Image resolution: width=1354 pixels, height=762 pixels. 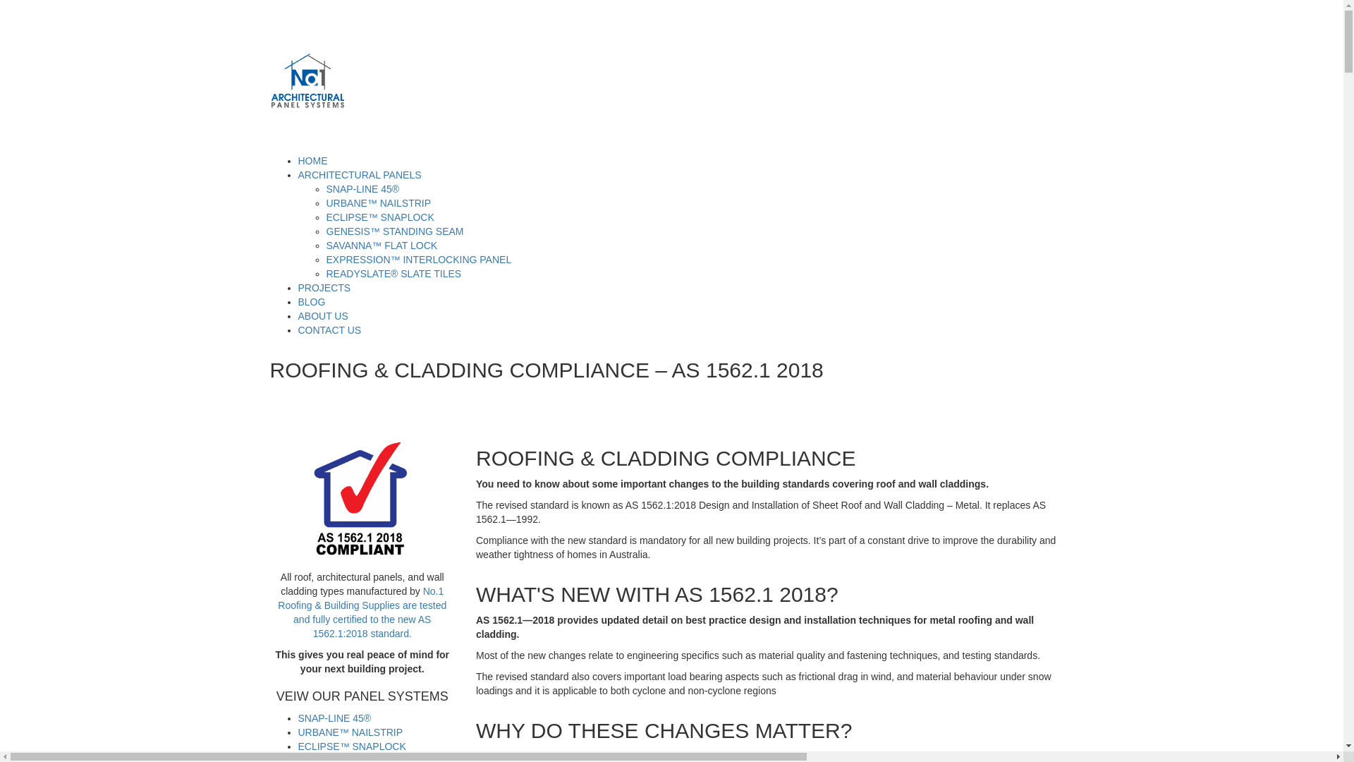 What do you see at coordinates (328, 329) in the screenshot?
I see `'CONTACT US'` at bounding box center [328, 329].